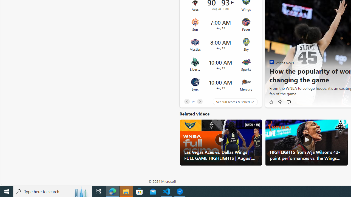  I want to click on 'Previous', so click(187, 101).